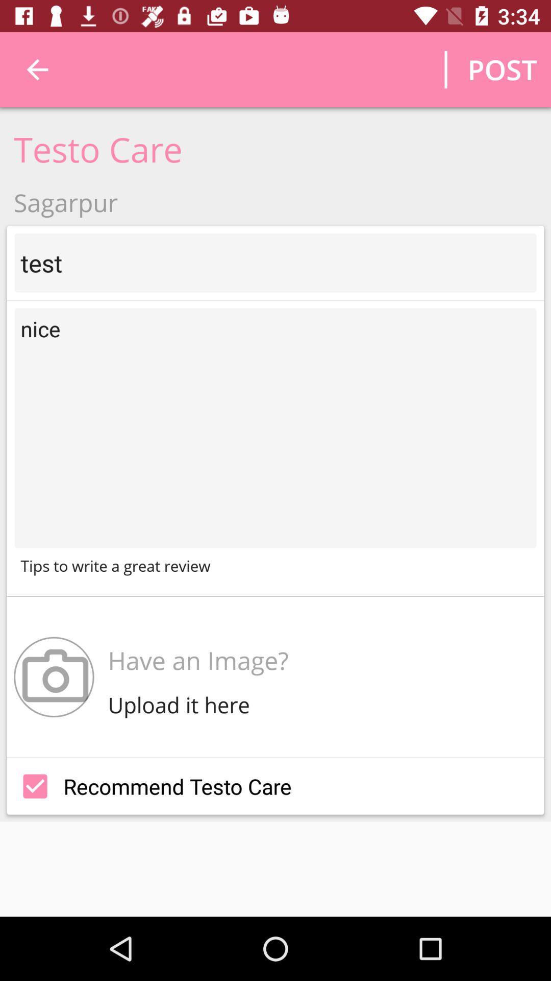 The width and height of the screenshot is (551, 981). Describe the element at coordinates (181, 704) in the screenshot. I see `upload it here` at that location.